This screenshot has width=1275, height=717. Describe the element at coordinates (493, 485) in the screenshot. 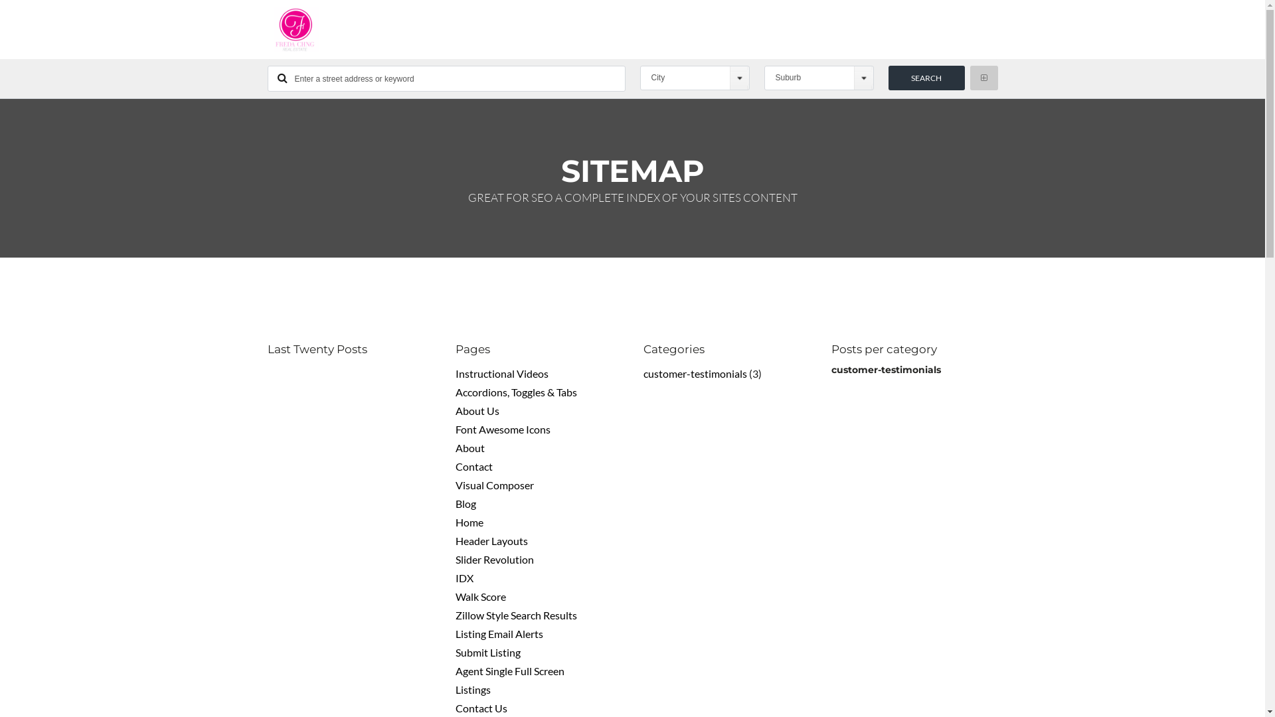

I see `'Visual Composer'` at that location.